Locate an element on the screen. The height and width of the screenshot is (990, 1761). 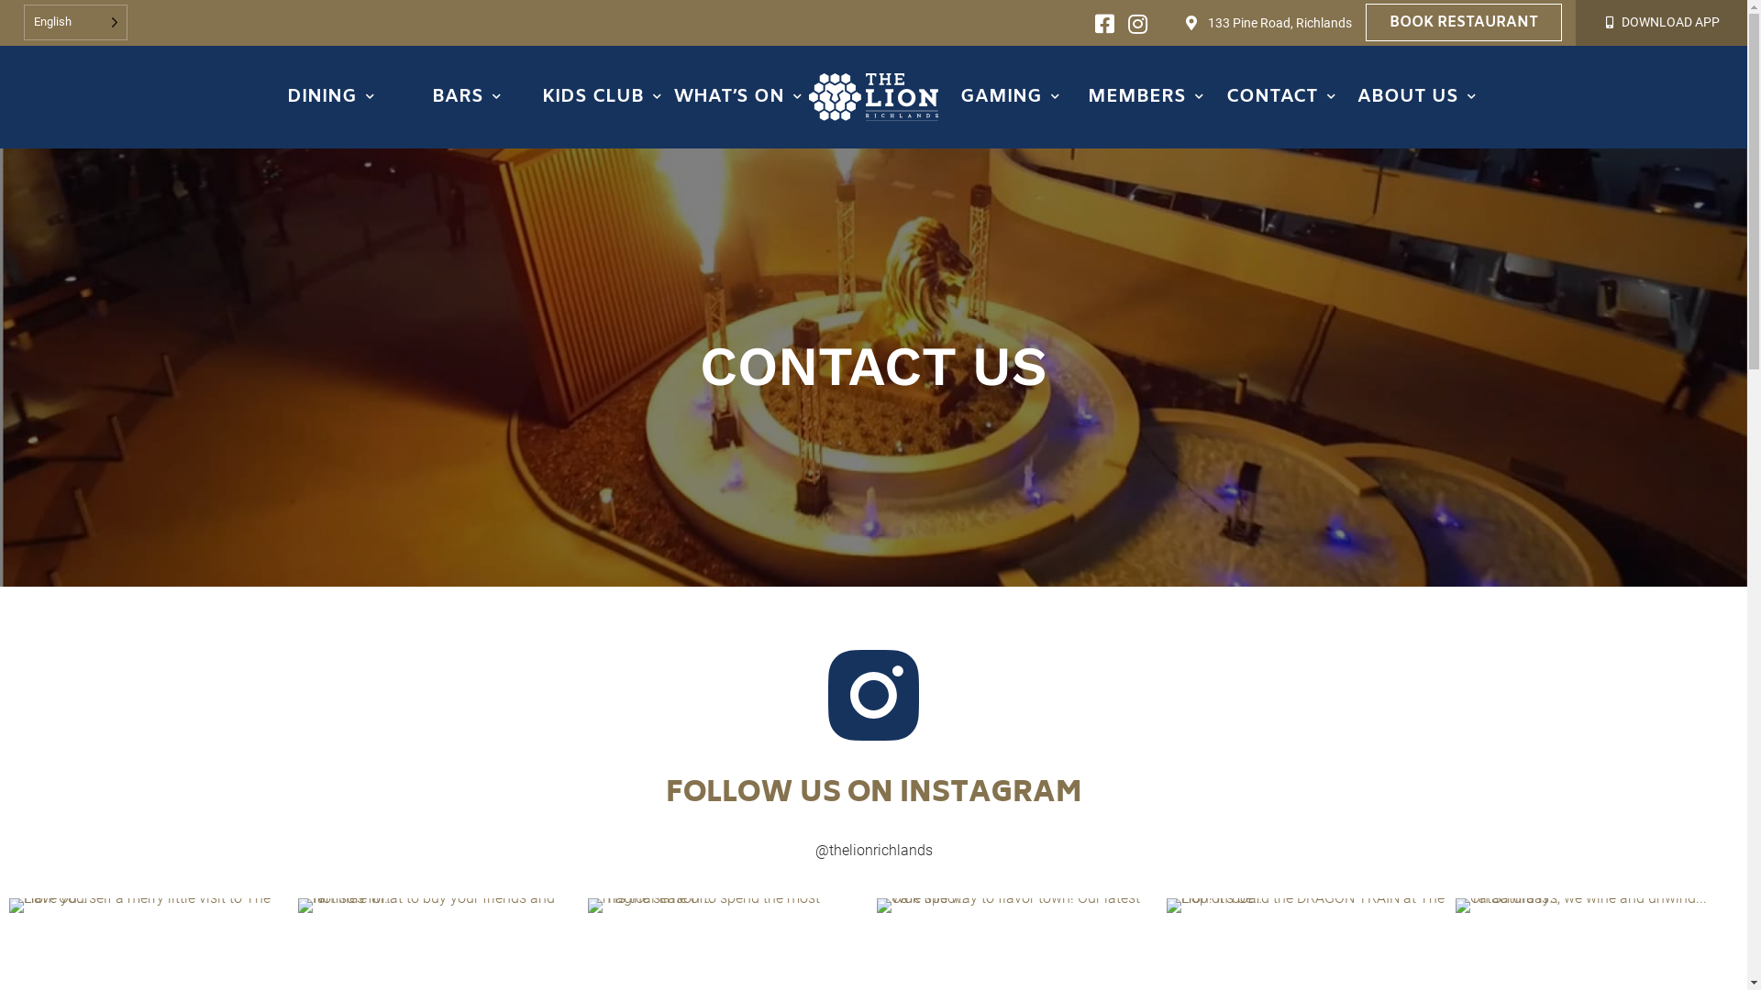
'133 Pine Road, Richlands' is located at coordinates (1279, 22).